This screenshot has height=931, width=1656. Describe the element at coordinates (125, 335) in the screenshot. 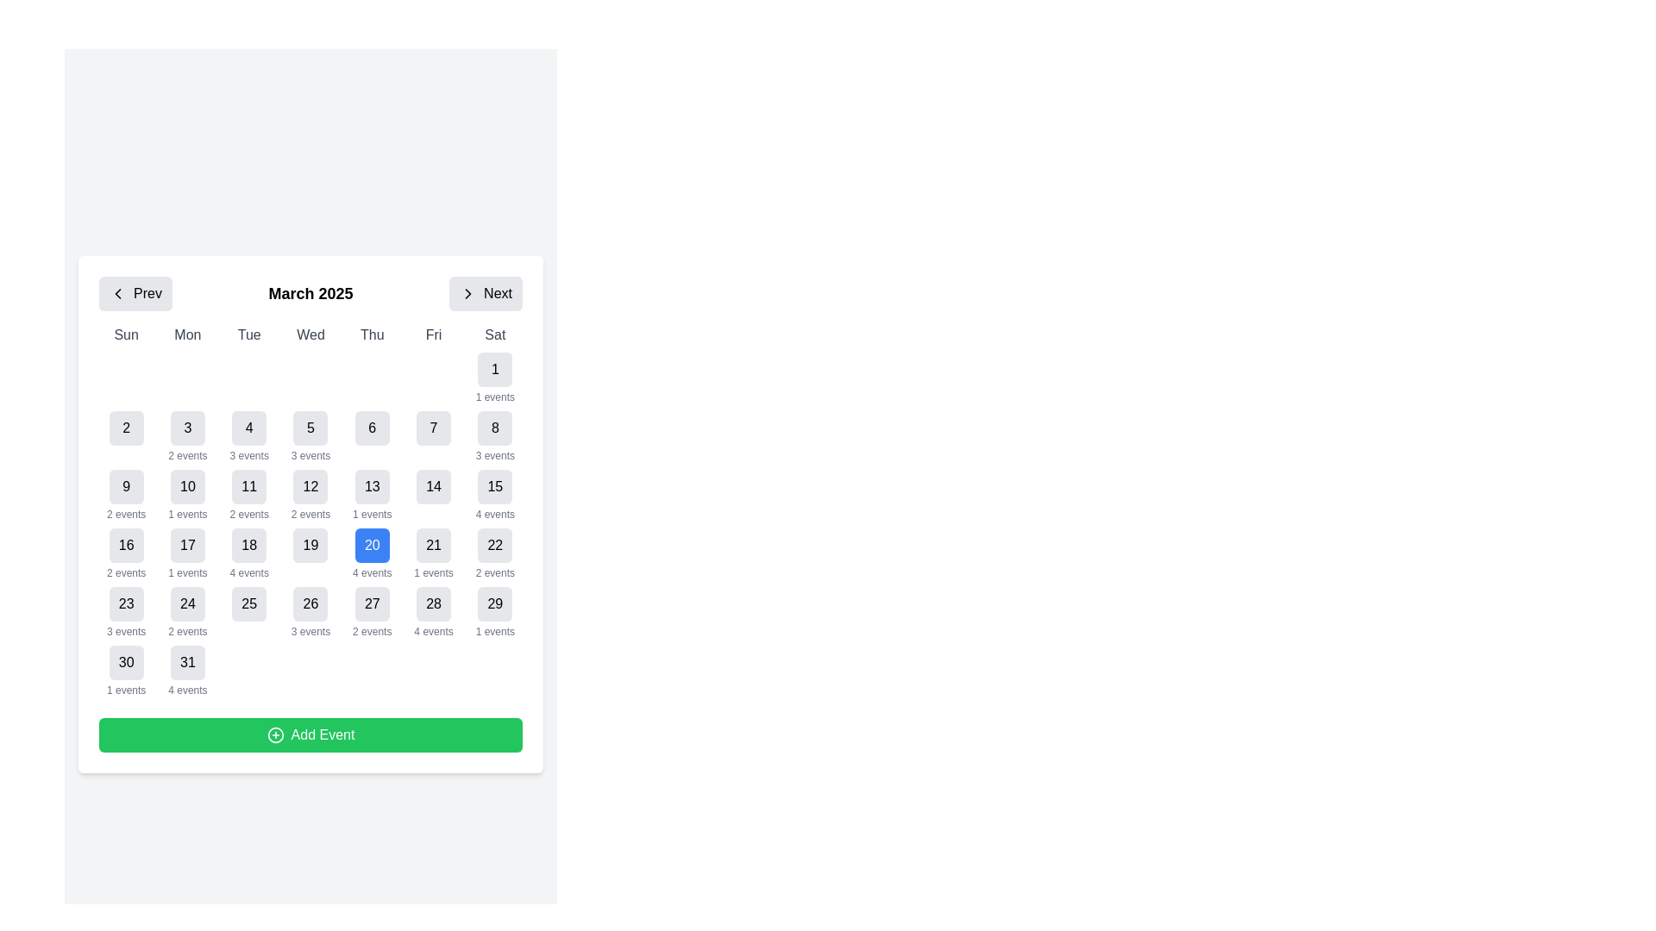

I see `the text label displaying 'Sun' in the calendar header row, which marks the first day of the week` at that location.